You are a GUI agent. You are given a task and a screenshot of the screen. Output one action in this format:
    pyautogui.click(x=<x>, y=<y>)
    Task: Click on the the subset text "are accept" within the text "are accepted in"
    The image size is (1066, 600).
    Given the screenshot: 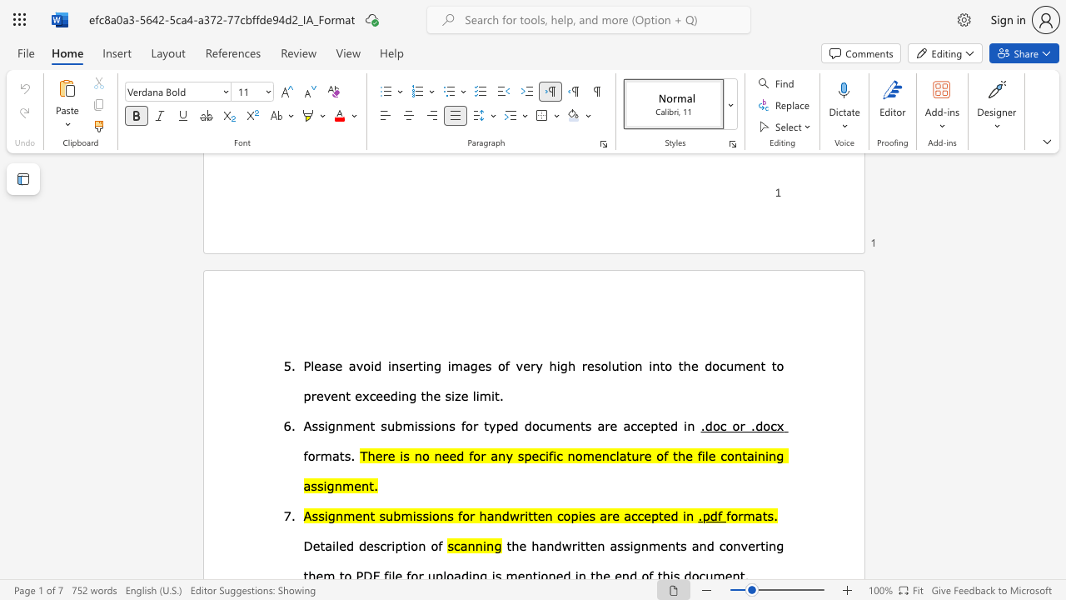 What is the action you would take?
    pyautogui.click(x=597, y=424)
    